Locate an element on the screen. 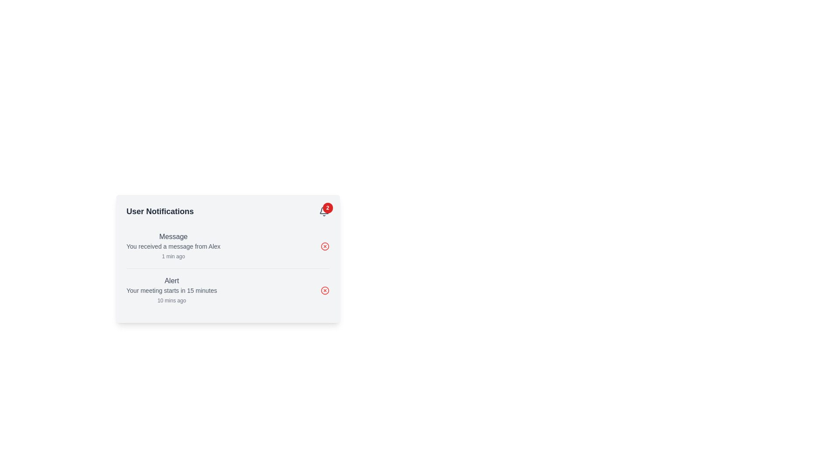 Image resolution: width=839 pixels, height=472 pixels. the unread notifications Badge located at the top-right corner of the bell icon in the notification panel is located at coordinates (327, 208).